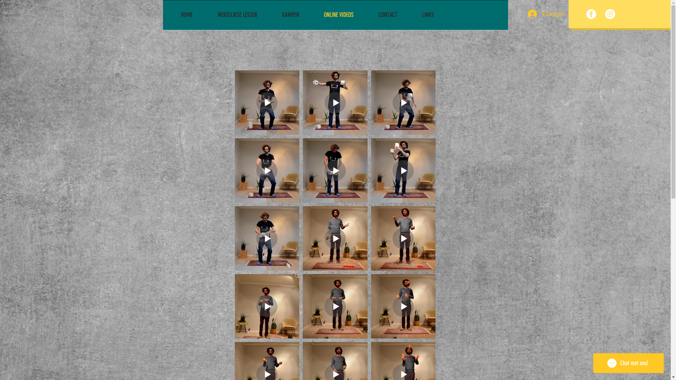 This screenshot has width=676, height=380. What do you see at coordinates (176, 15) in the screenshot?
I see `'HOME'` at bounding box center [176, 15].